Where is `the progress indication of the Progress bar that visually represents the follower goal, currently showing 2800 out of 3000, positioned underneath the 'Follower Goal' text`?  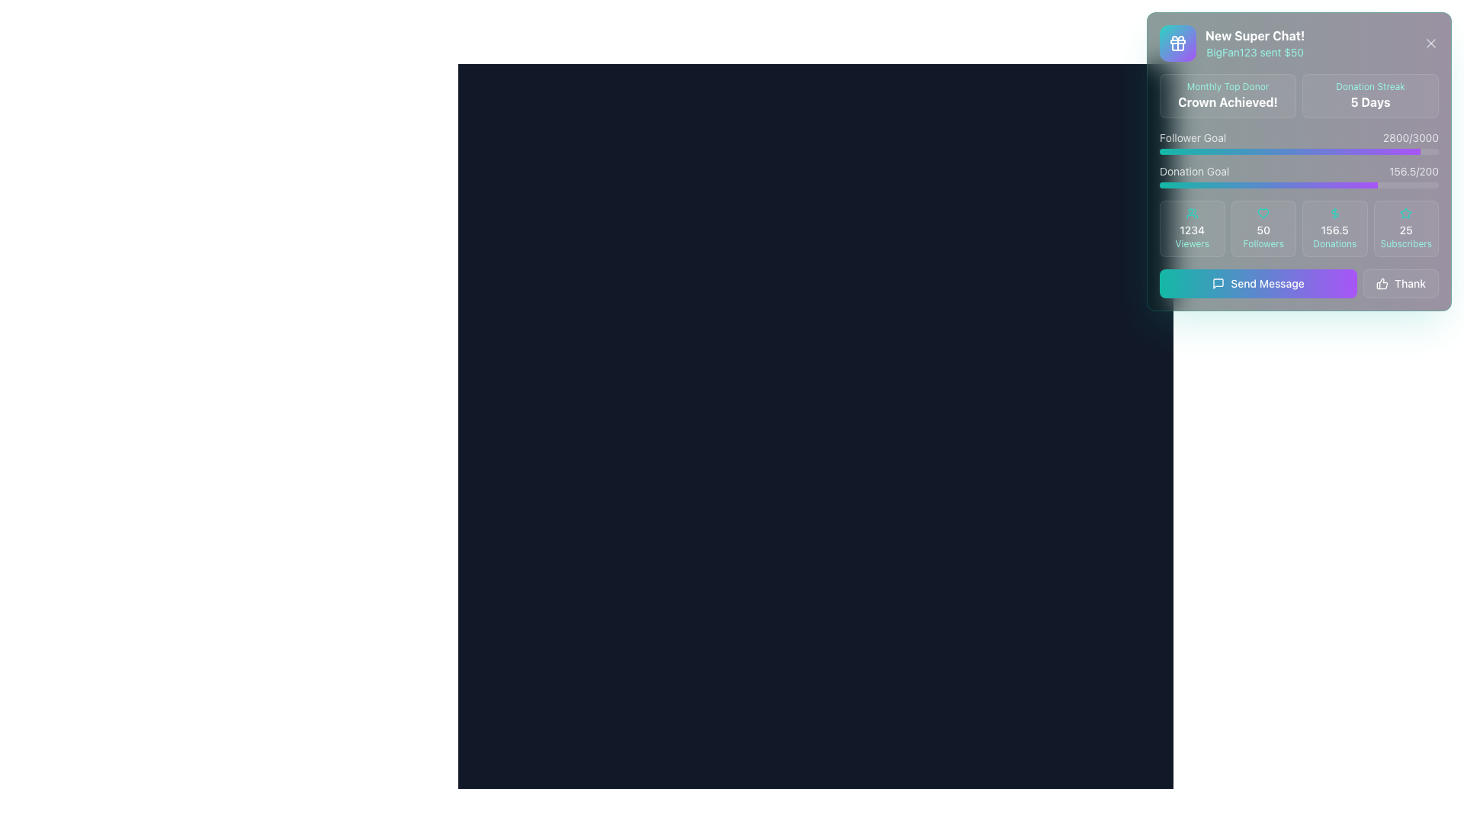
the progress indication of the Progress bar that visually represents the follower goal, currently showing 2800 out of 3000, positioned underneath the 'Follower Goal' text is located at coordinates (1299, 152).